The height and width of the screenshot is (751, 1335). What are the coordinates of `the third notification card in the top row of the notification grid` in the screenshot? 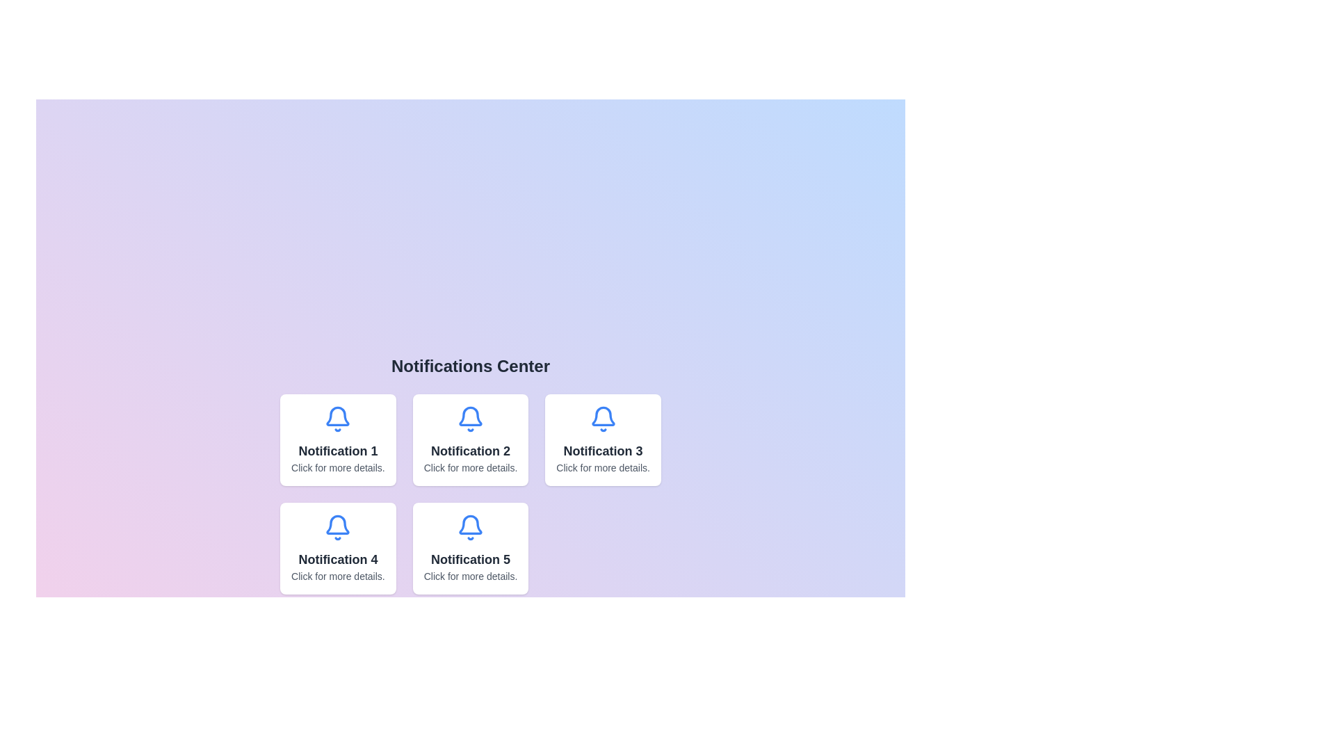 It's located at (603, 439).